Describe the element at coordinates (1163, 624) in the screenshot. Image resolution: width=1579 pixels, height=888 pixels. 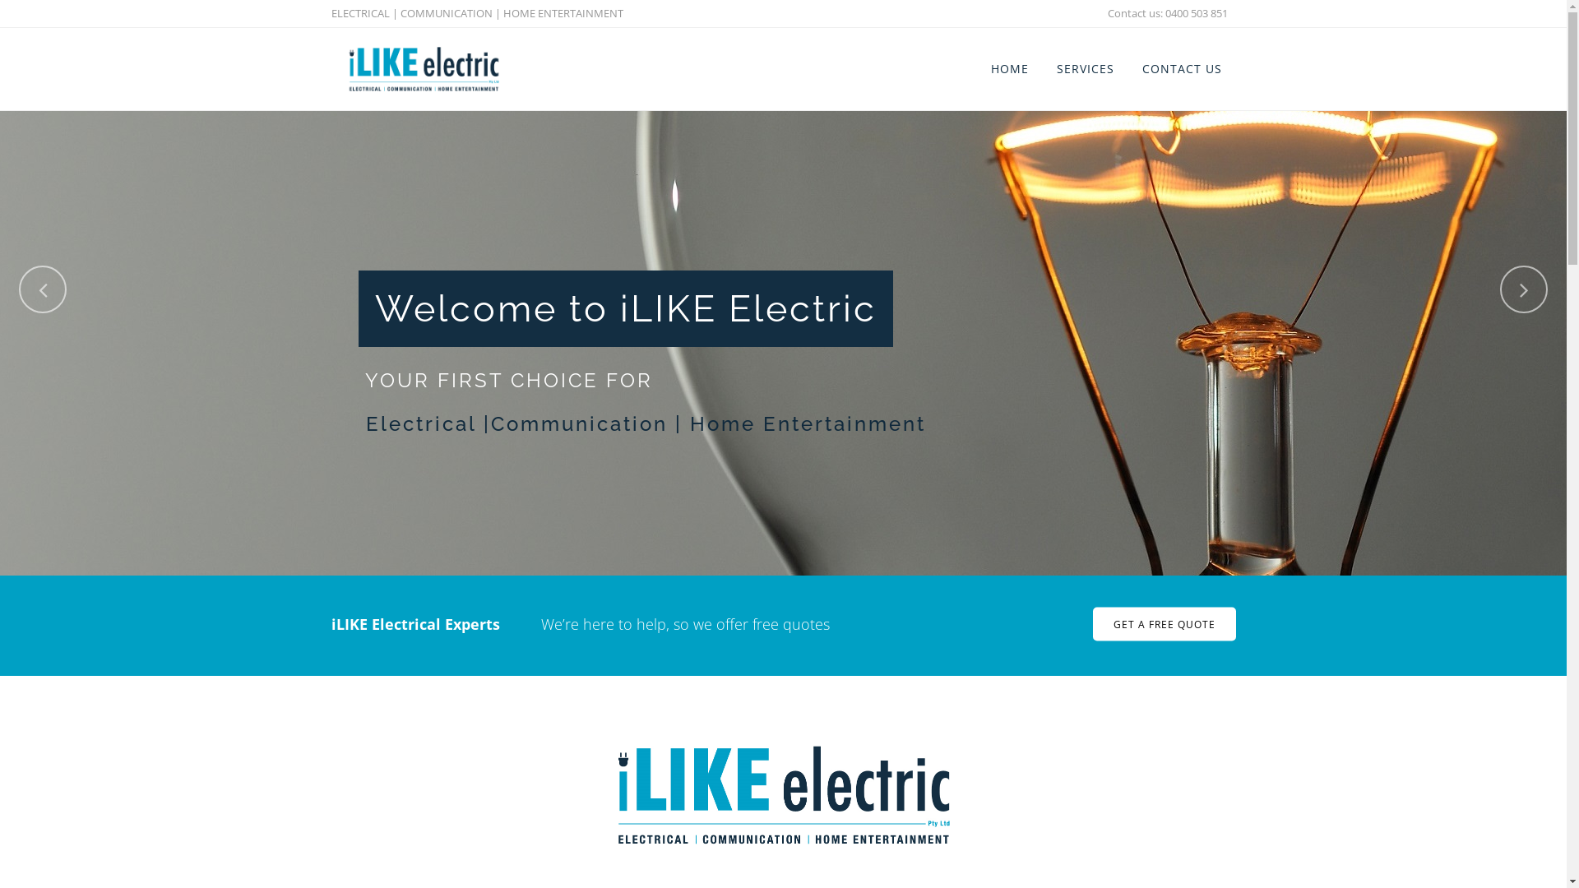
I see `'GET A FREE QUOTE'` at that location.